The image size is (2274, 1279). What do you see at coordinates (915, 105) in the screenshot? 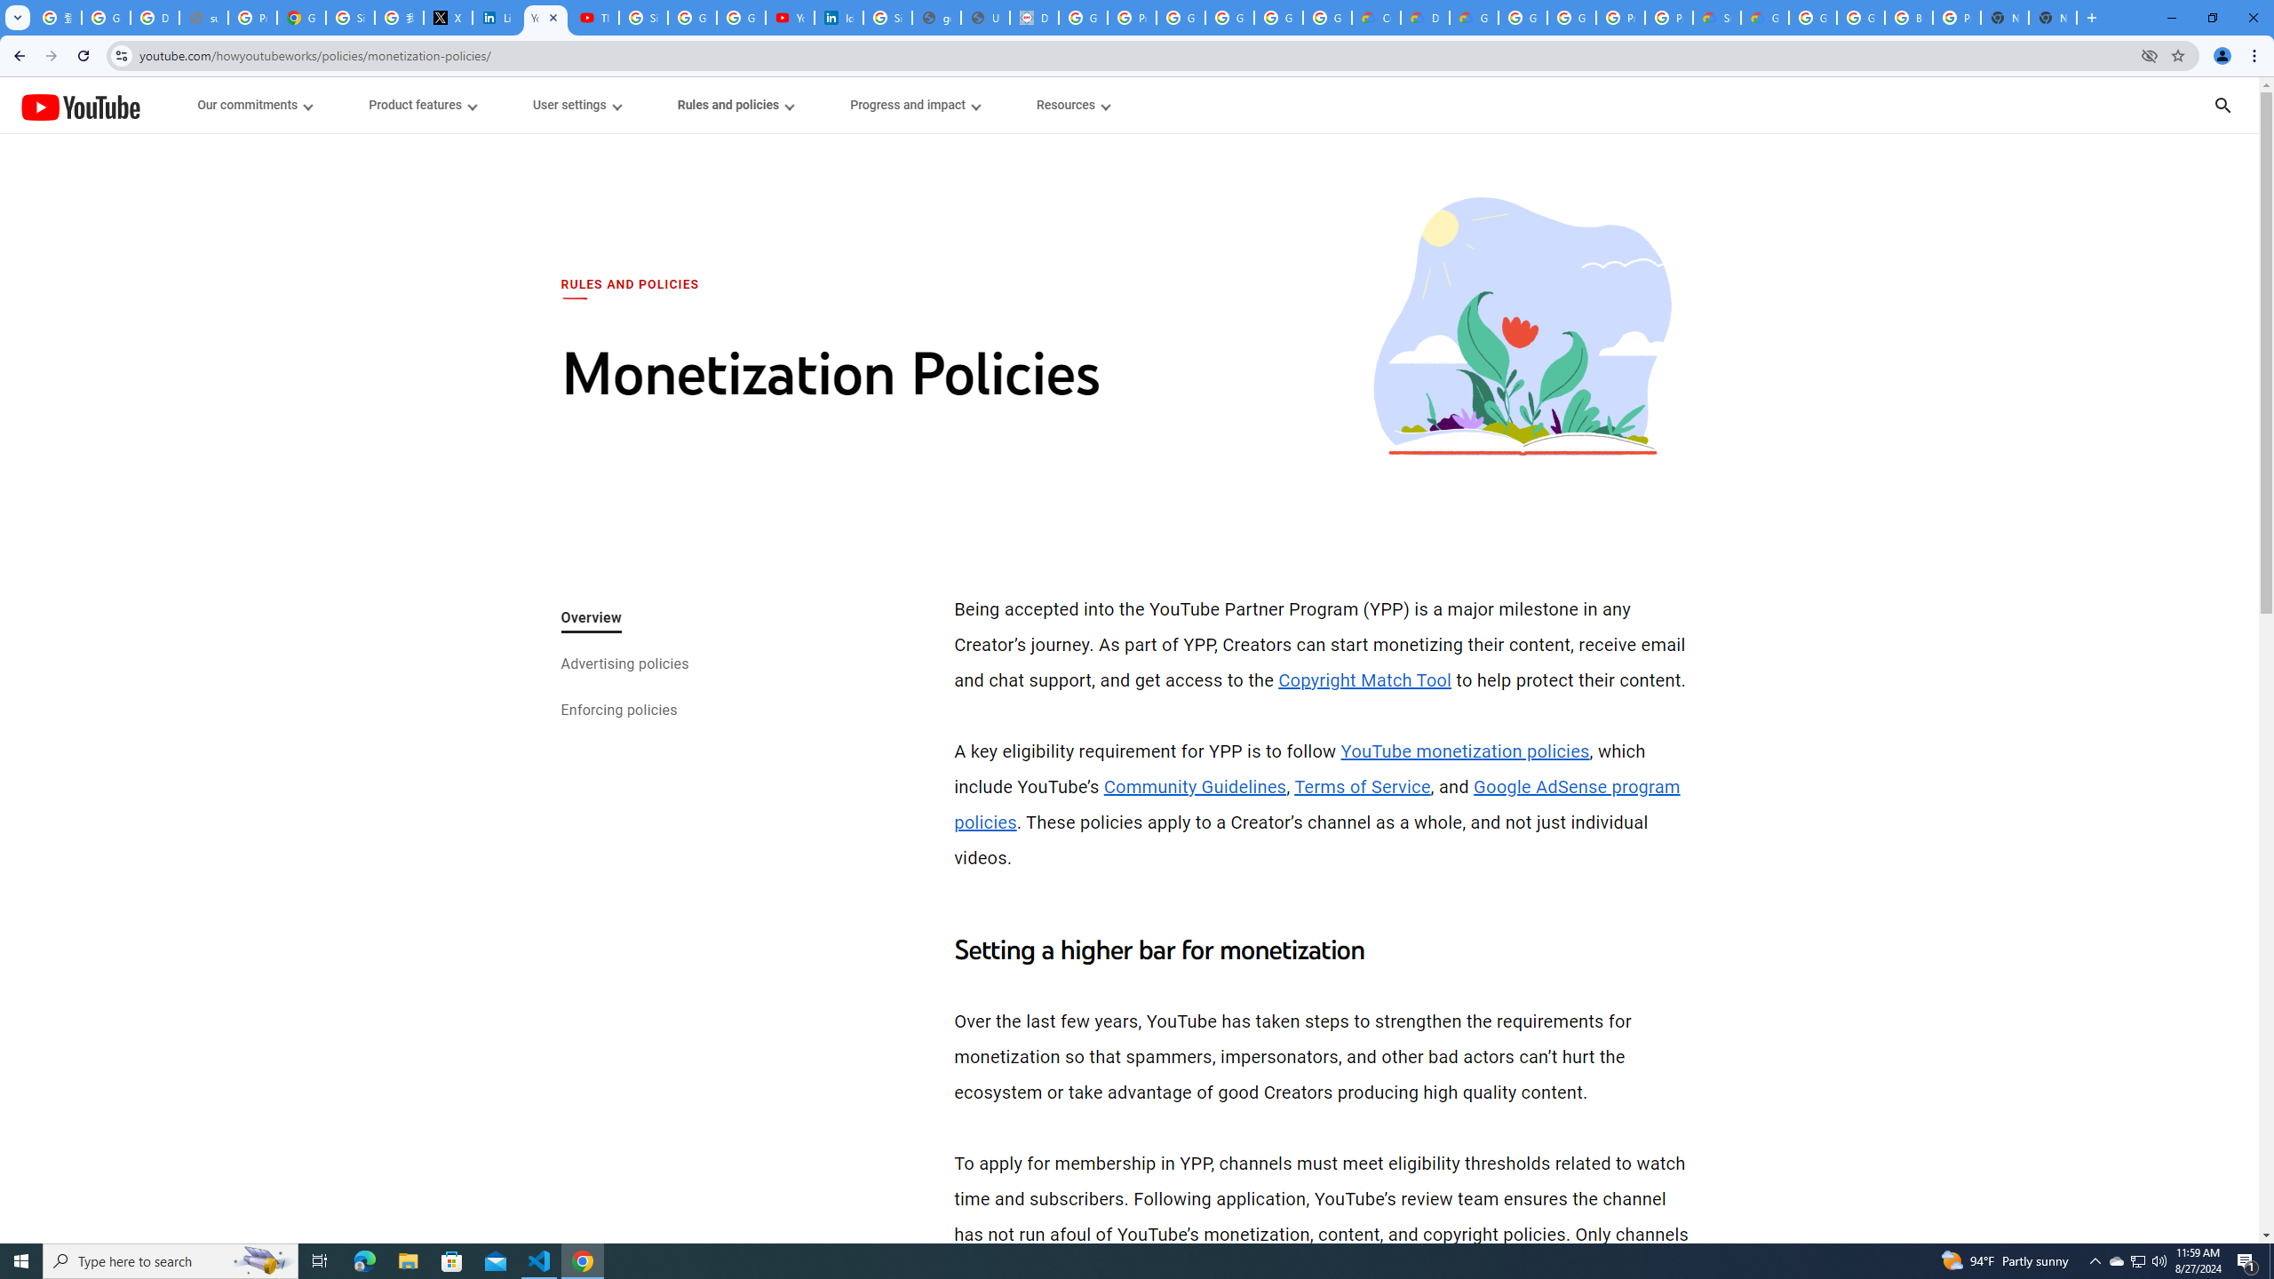
I see `'Progress and impact menupopup'` at bounding box center [915, 105].